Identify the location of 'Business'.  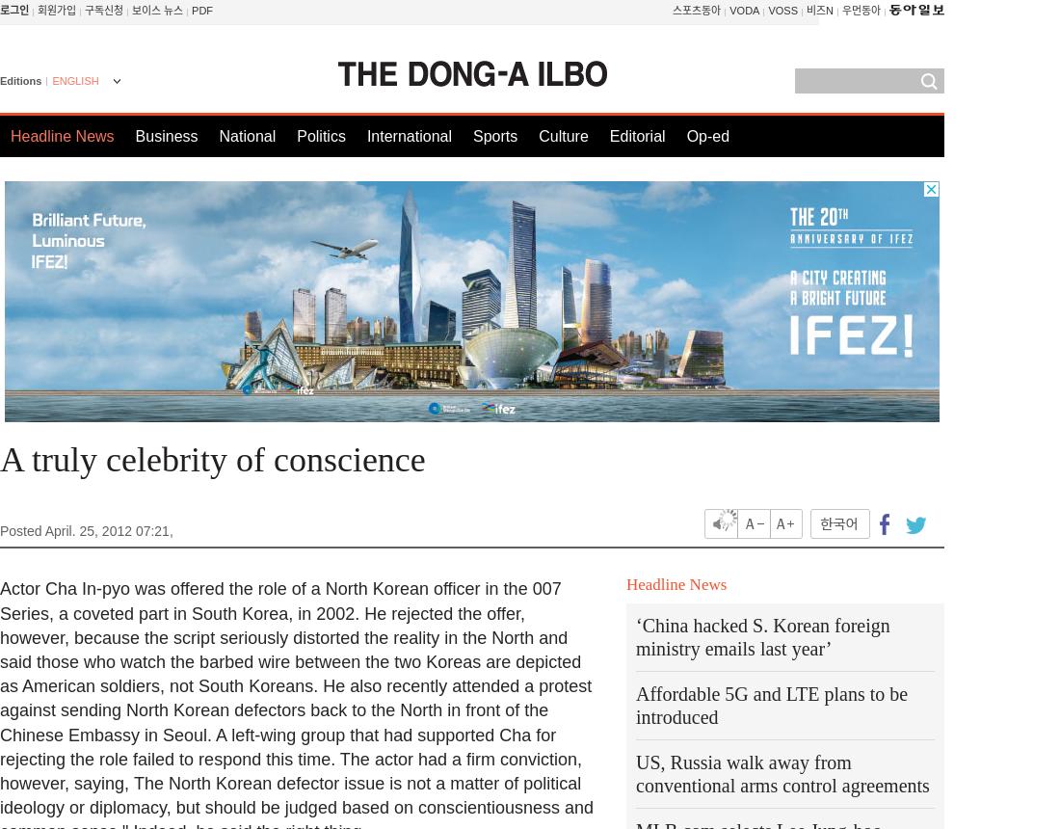
(134, 136).